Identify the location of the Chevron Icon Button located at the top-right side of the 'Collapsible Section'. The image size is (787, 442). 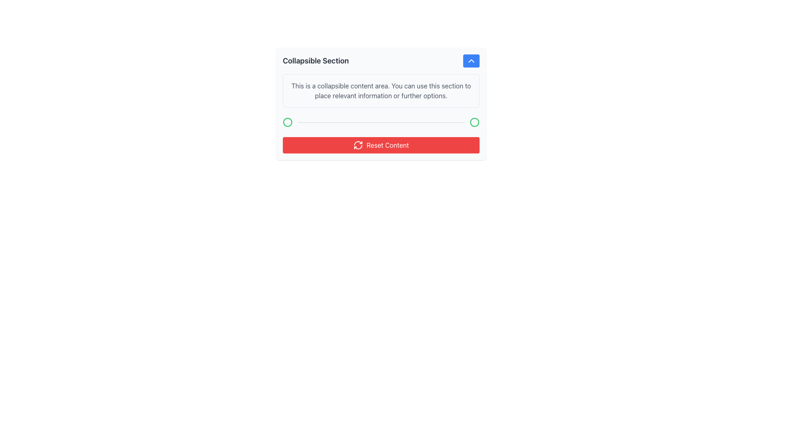
(471, 61).